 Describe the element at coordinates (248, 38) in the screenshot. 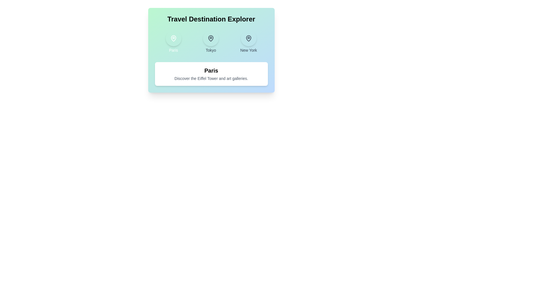

I see `the circular button with a map pin icon, which is the third button in the horizontal list under 'Travel Destination Explorer'` at that location.